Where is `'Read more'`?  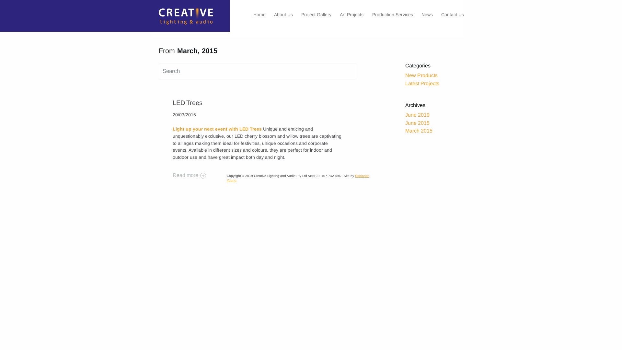
'Read more' is located at coordinates (172, 175).